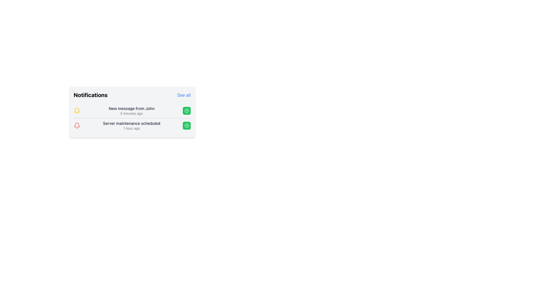 The height and width of the screenshot is (303, 540). What do you see at coordinates (131, 111) in the screenshot?
I see `the first notification entry in the vertical list of notifications, which presents a message notification including the sender's name and time received` at bounding box center [131, 111].